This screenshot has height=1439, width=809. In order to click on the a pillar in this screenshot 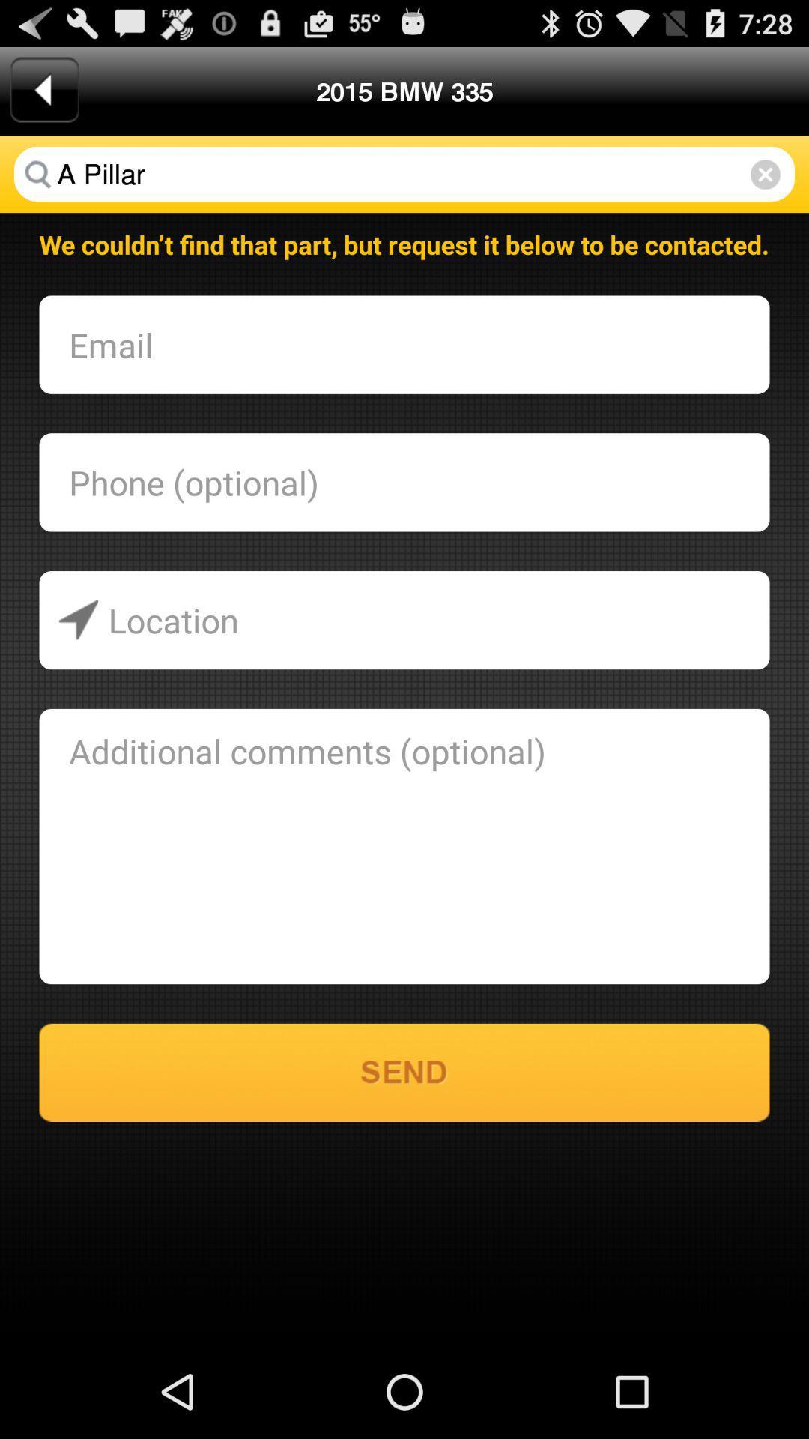, I will do `click(404, 174)`.